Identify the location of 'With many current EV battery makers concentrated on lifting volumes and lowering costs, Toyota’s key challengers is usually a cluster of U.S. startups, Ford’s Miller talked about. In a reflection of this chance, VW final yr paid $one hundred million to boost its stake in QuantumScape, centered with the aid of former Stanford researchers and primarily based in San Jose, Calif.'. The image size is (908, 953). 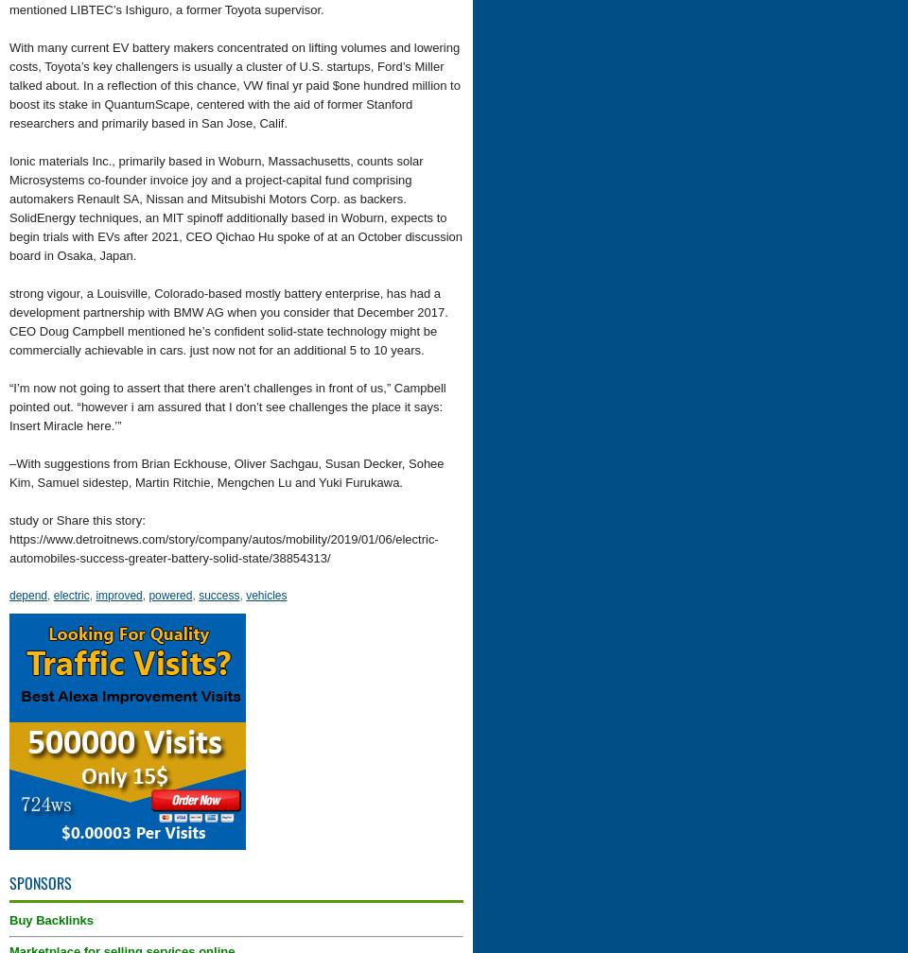
(233, 85).